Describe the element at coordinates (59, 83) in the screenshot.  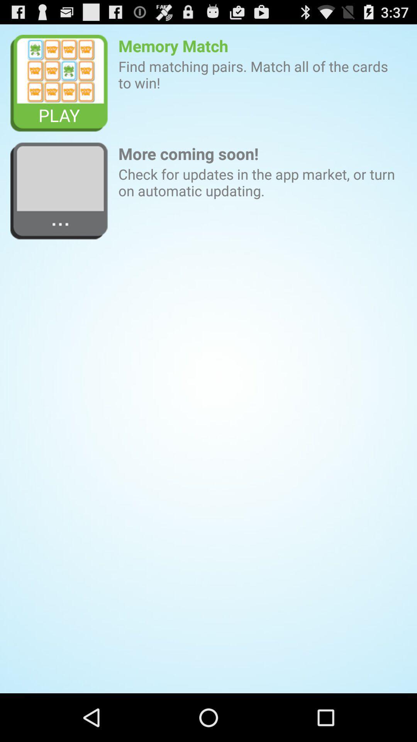
I see `the item to the left of the memory match icon` at that location.